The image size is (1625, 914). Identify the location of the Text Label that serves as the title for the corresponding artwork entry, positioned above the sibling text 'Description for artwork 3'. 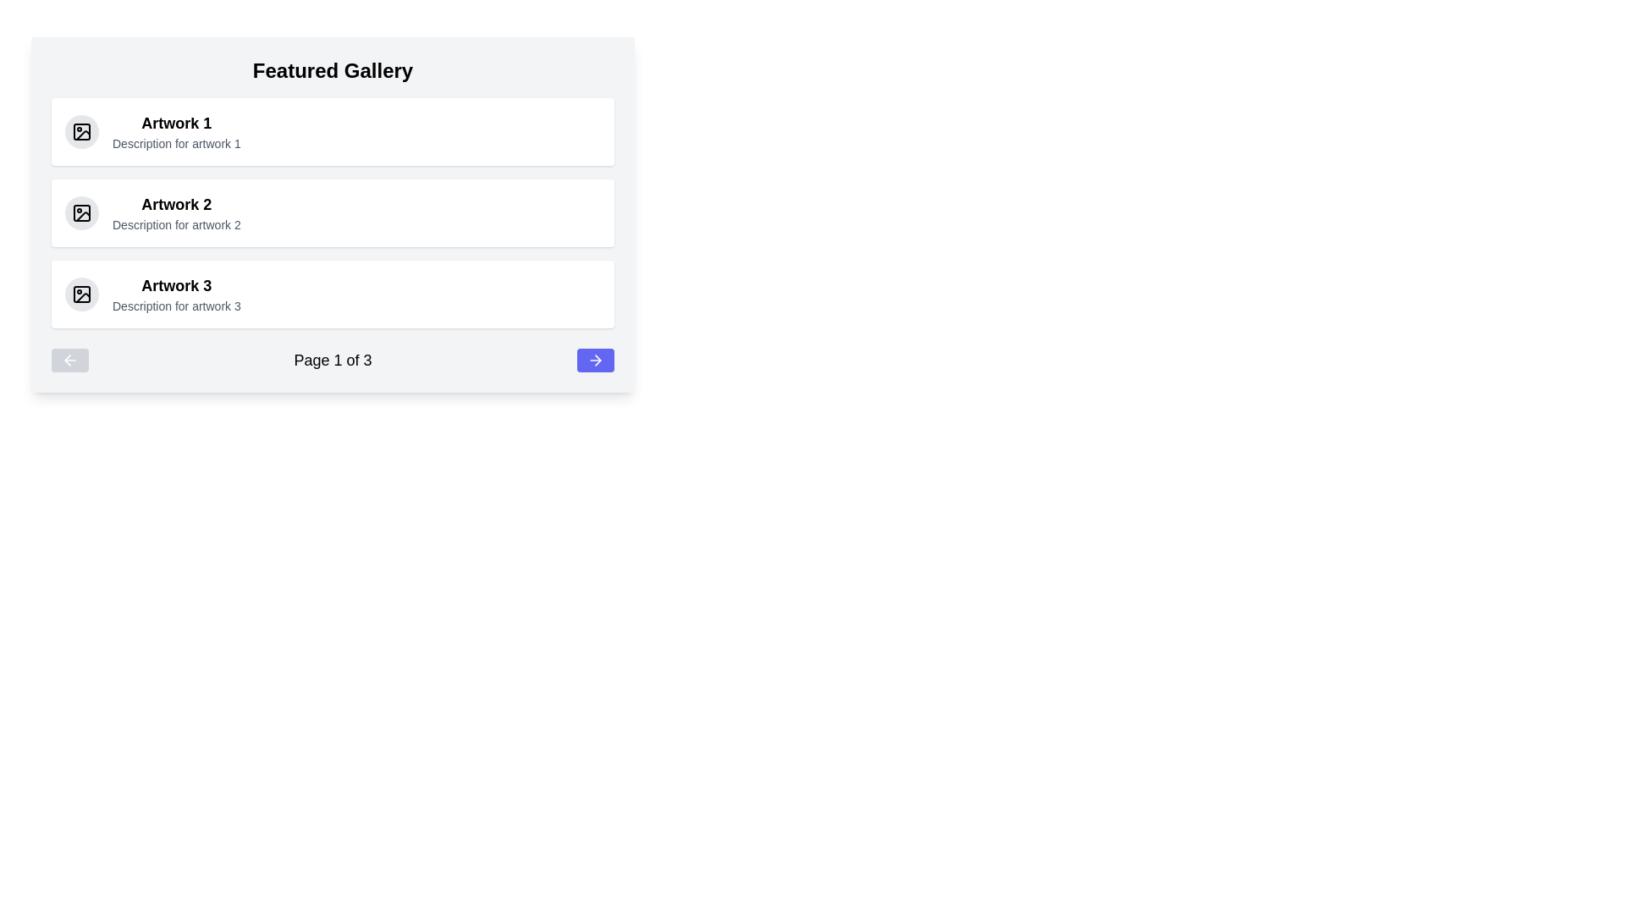
(176, 285).